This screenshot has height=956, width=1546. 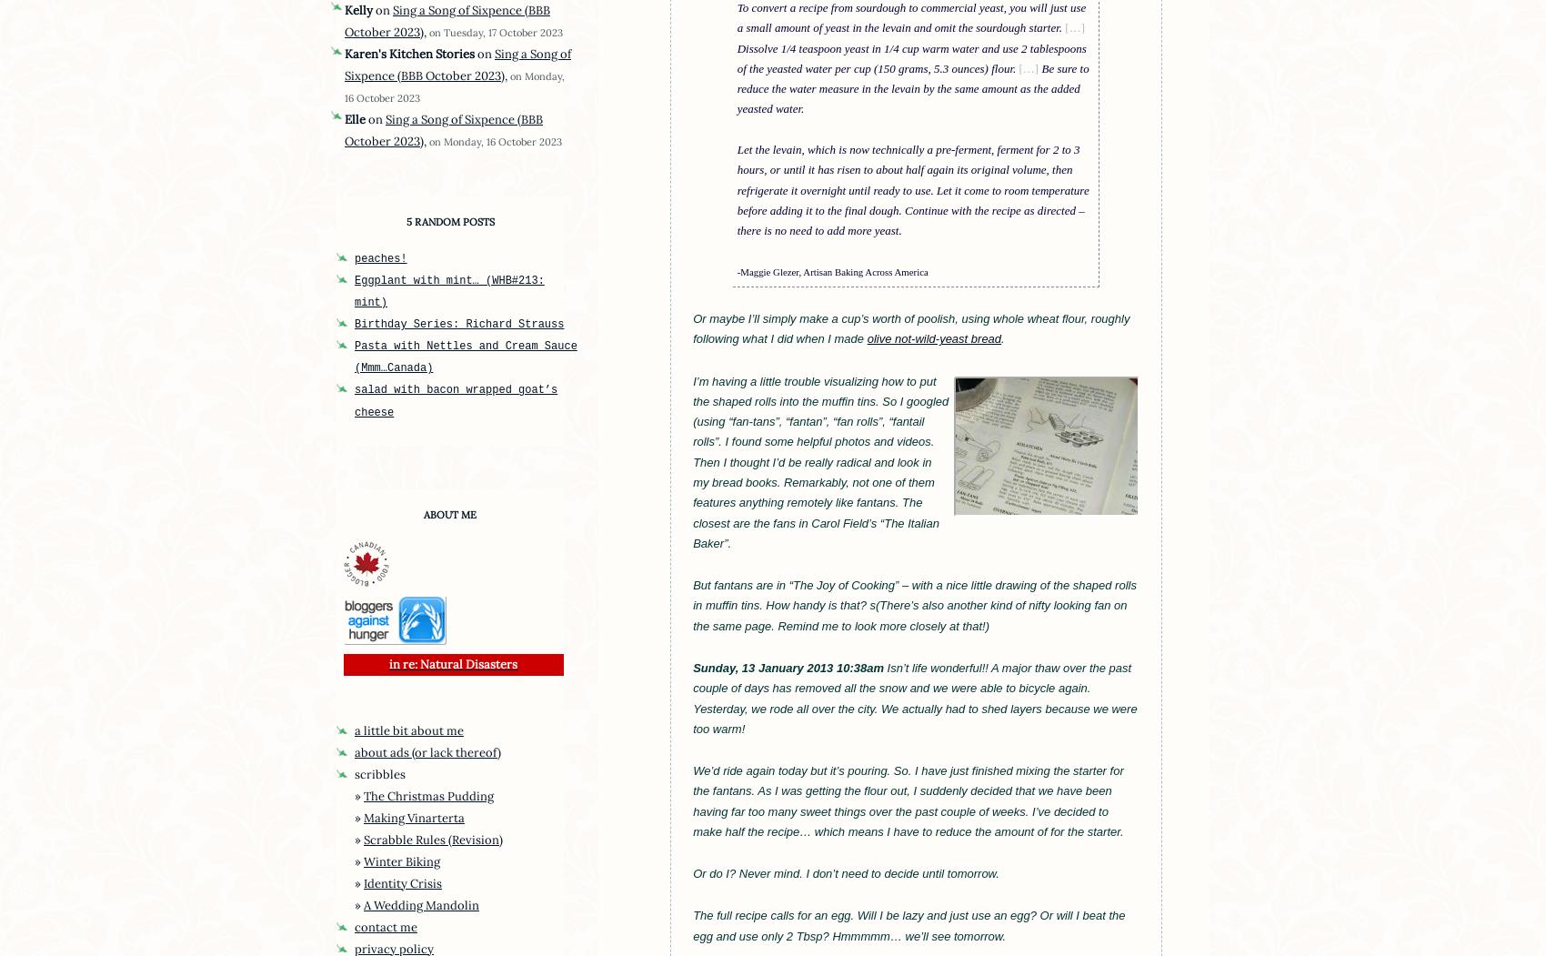 I want to click on 'Making Vinarterta', so click(x=363, y=817).